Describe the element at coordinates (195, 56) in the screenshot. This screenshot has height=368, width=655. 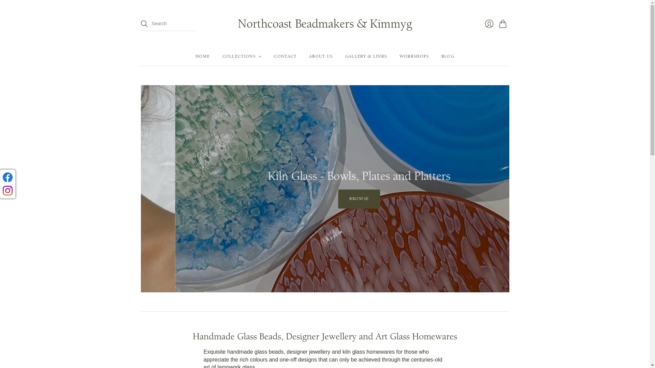
I see `'HOME'` at that location.